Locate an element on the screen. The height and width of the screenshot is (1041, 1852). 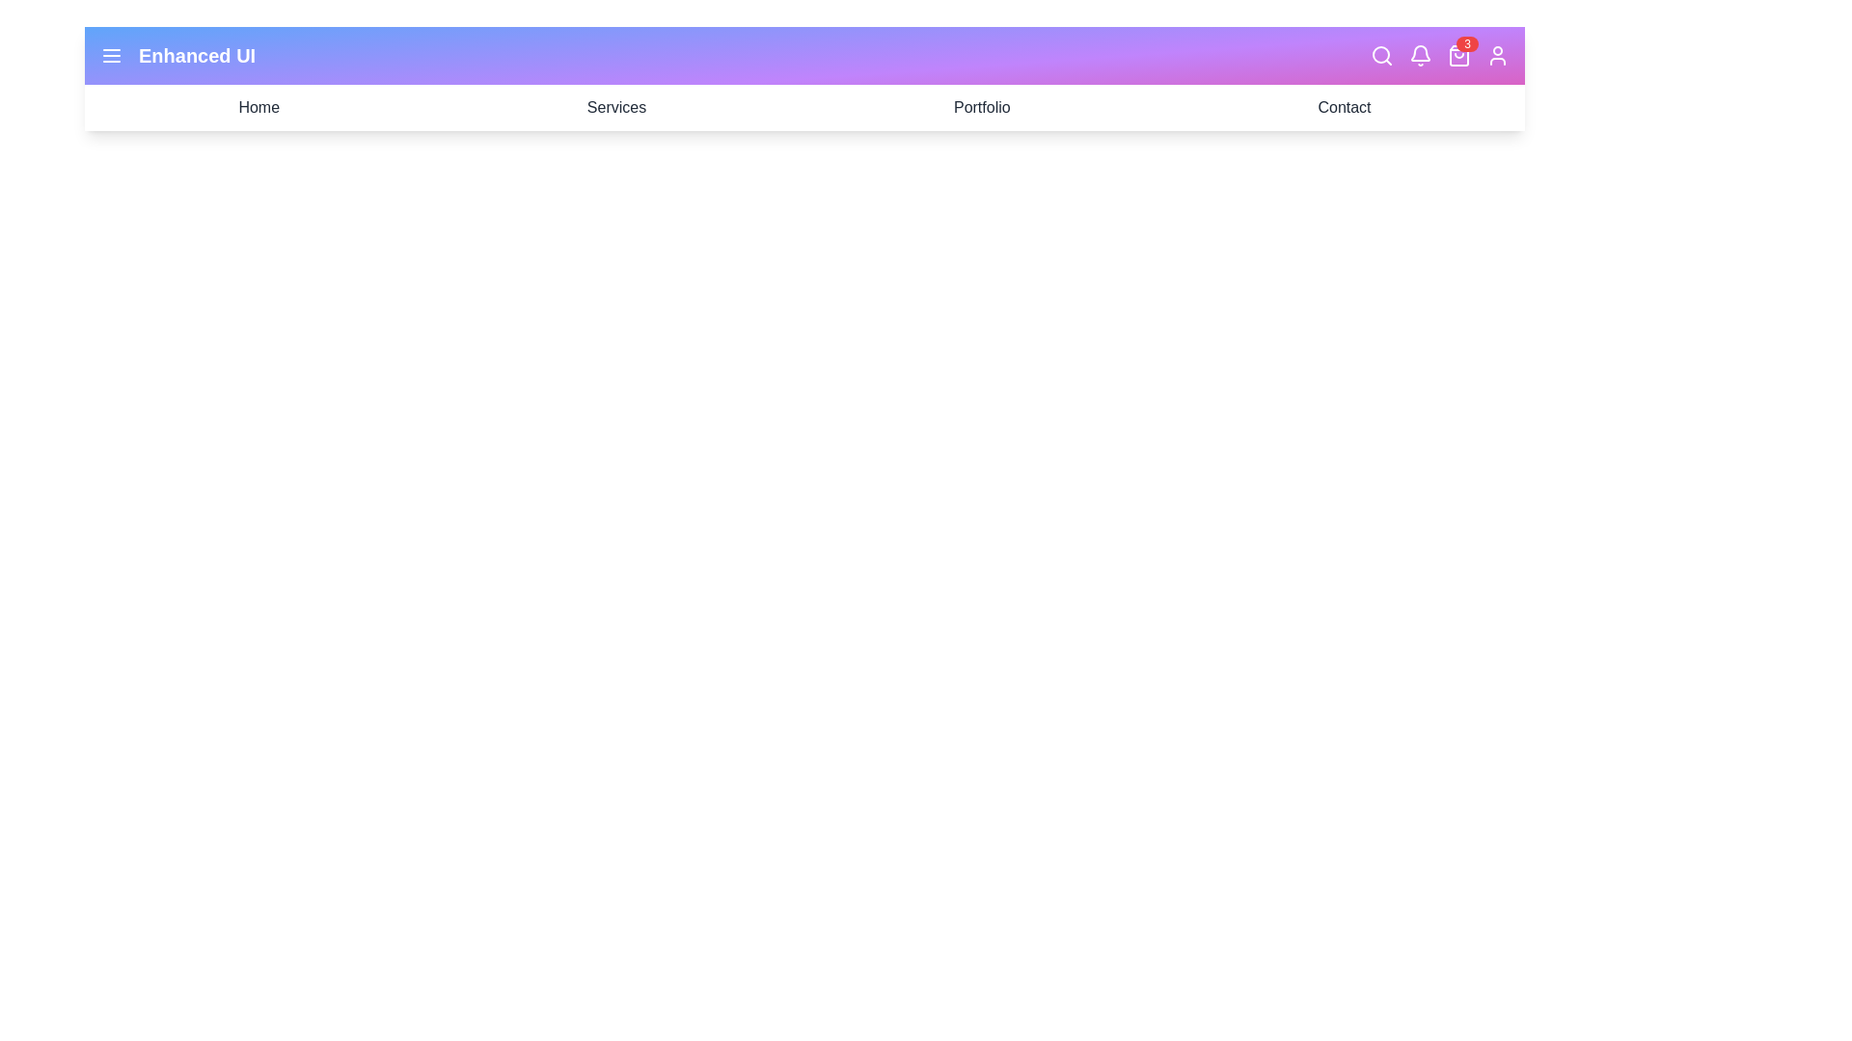
the search icon to initiate a search is located at coordinates (1381, 54).